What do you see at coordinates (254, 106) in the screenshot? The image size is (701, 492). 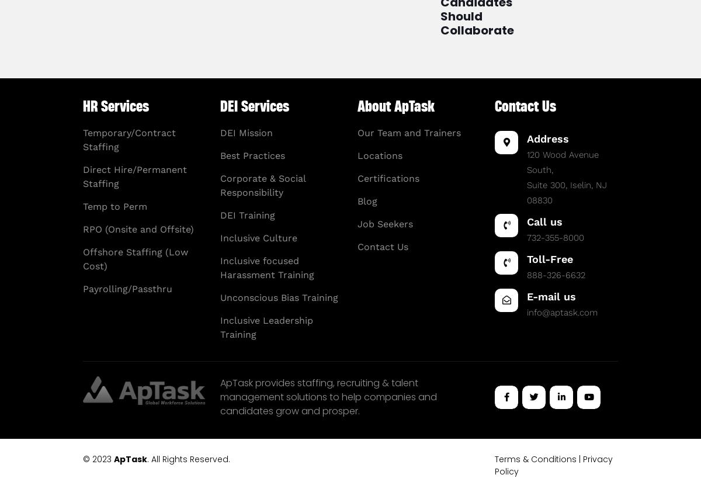 I see `'DEI Services'` at bounding box center [254, 106].